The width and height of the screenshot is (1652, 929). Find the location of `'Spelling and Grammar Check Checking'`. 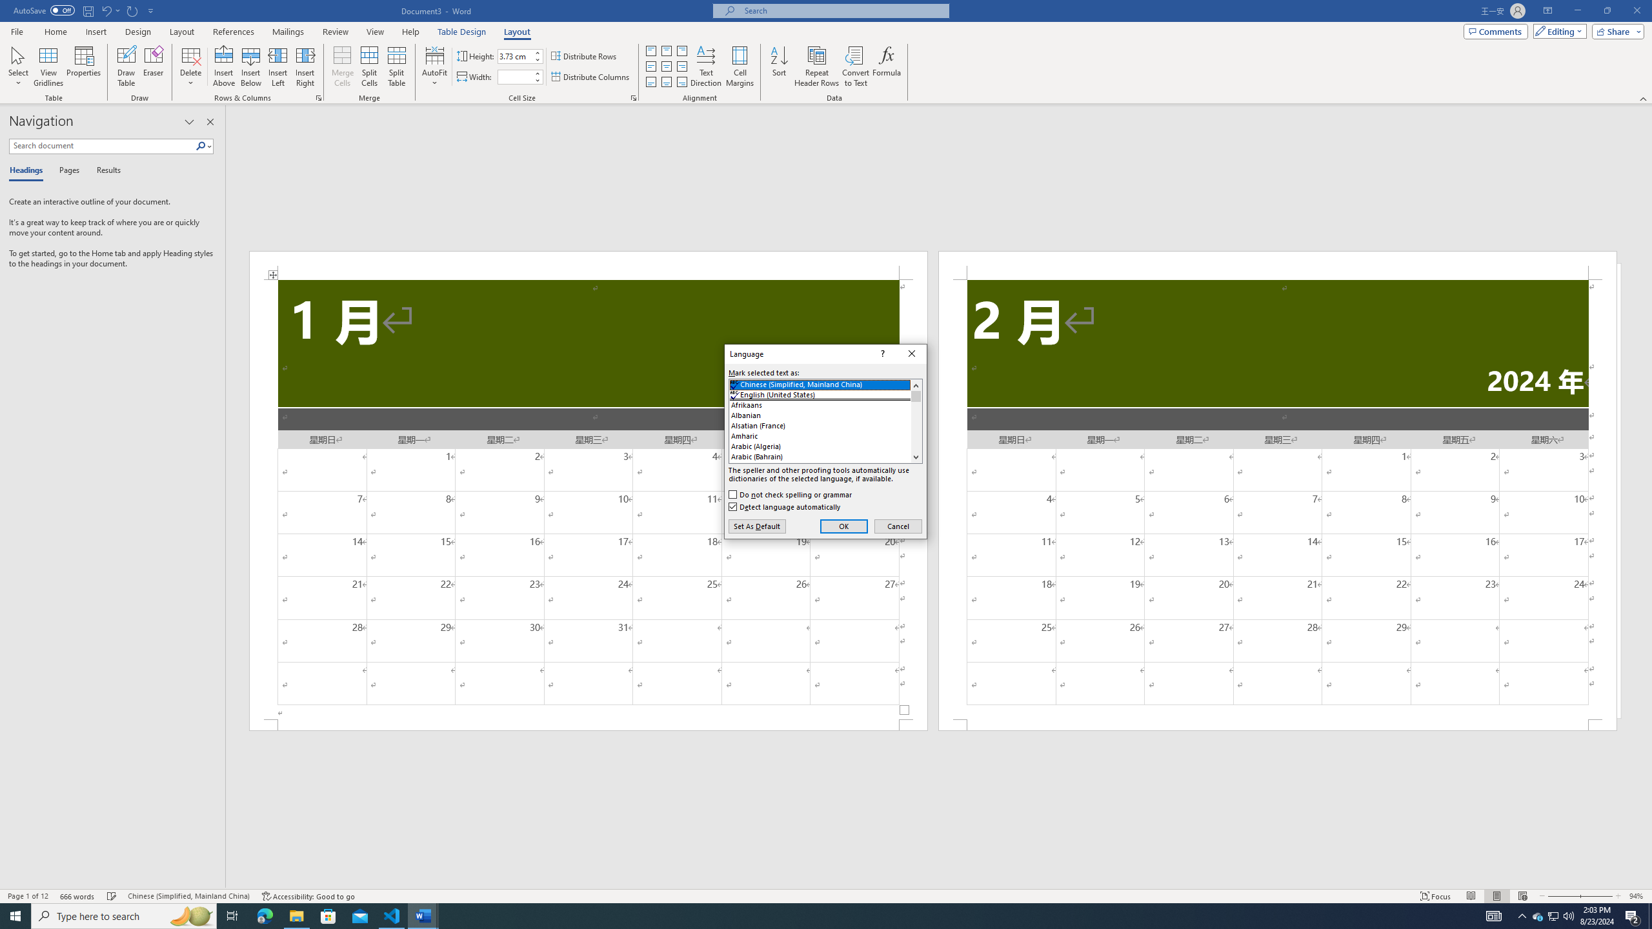

'Spelling and Grammar Check Checking' is located at coordinates (112, 896).